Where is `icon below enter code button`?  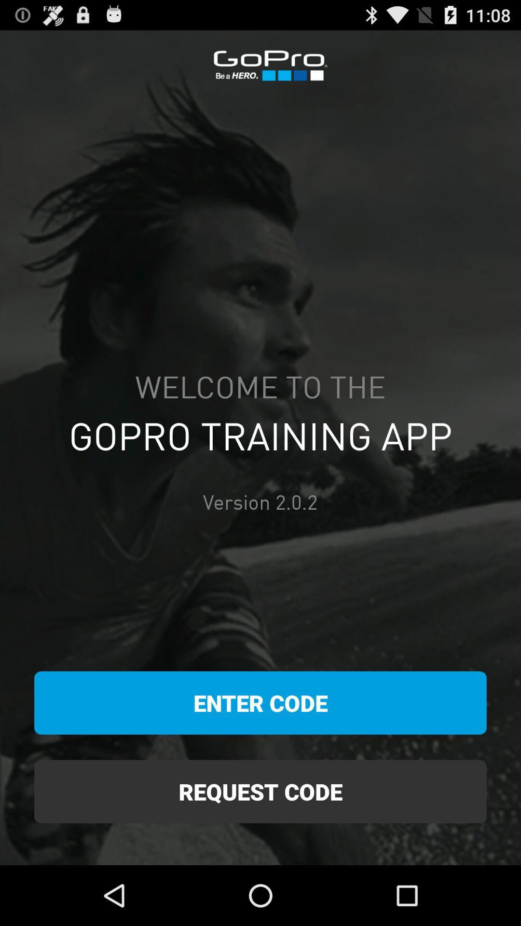 icon below enter code button is located at coordinates (260, 791).